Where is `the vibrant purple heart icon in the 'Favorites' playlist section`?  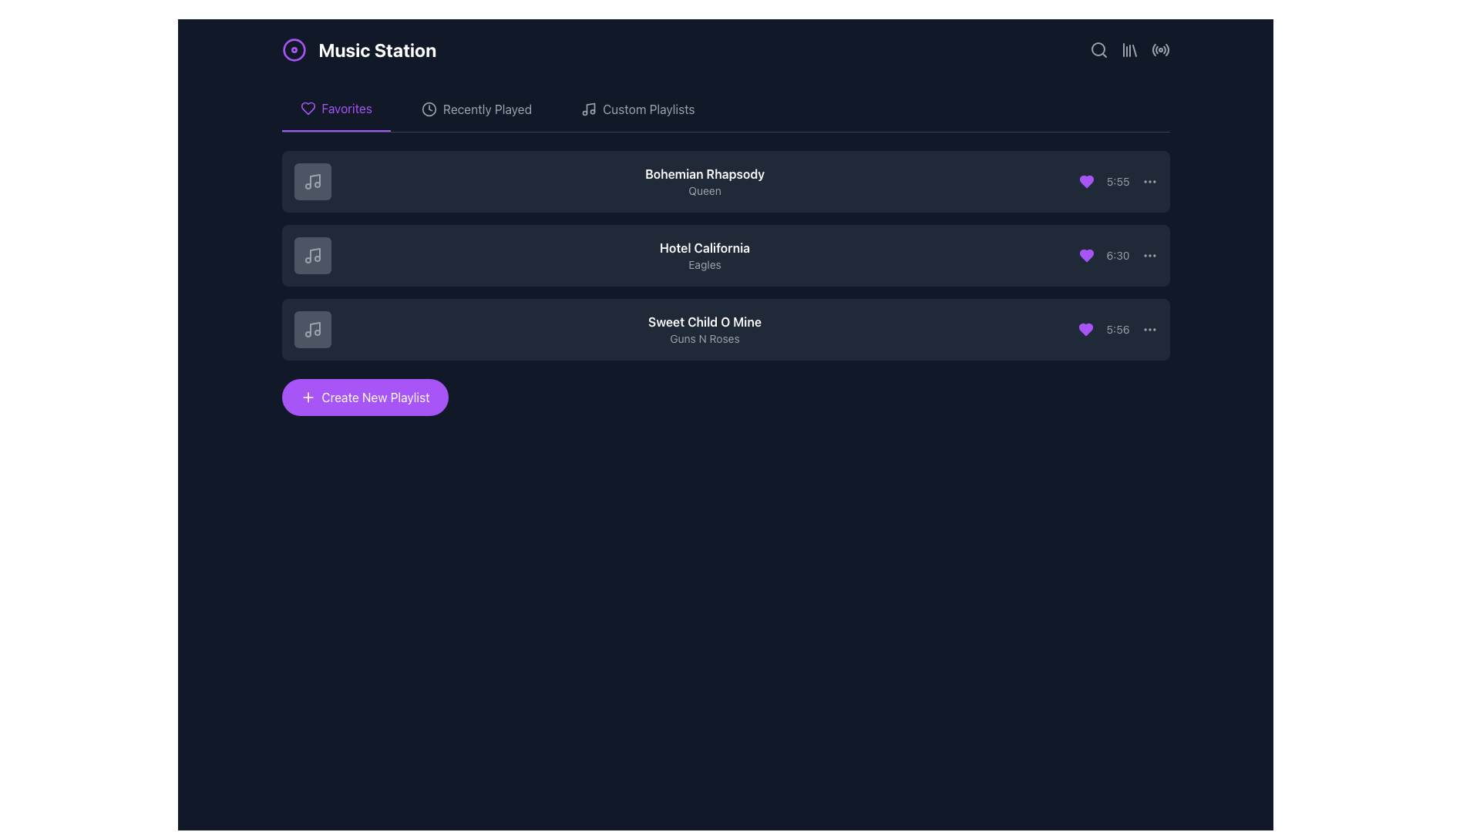
the vibrant purple heart icon in the 'Favorites' playlist section is located at coordinates (1085, 180).